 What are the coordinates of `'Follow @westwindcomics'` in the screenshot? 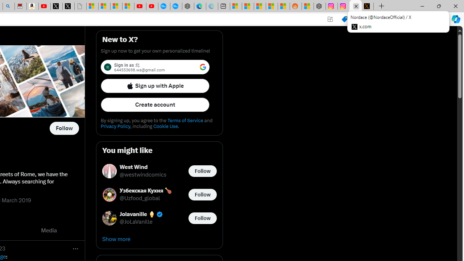 It's located at (202, 171).